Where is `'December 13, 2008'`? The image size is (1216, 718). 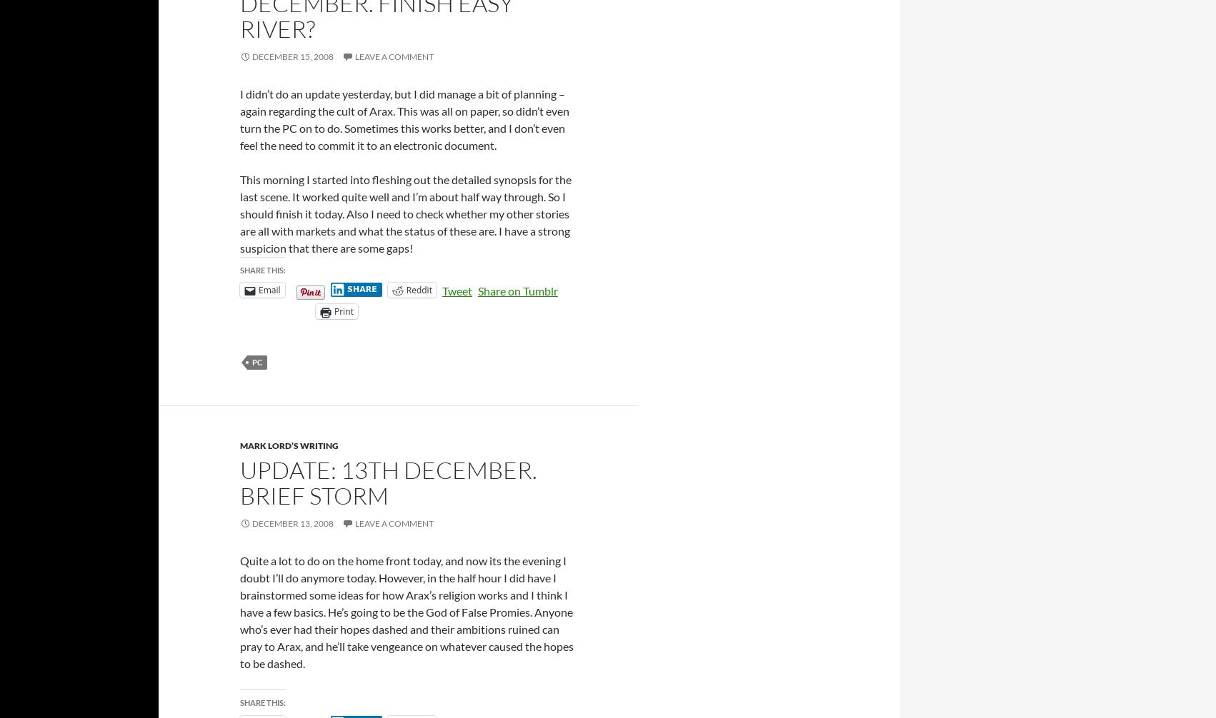 'December 13, 2008' is located at coordinates (293, 523).